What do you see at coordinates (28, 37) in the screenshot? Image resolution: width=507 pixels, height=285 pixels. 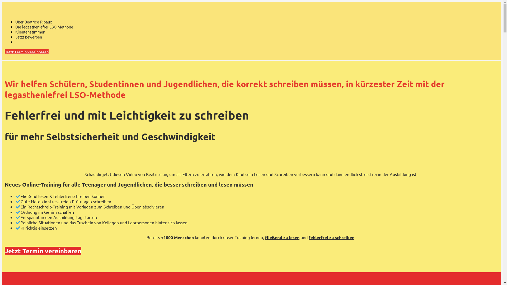 I see `'Jetzt bewerben'` at bounding box center [28, 37].